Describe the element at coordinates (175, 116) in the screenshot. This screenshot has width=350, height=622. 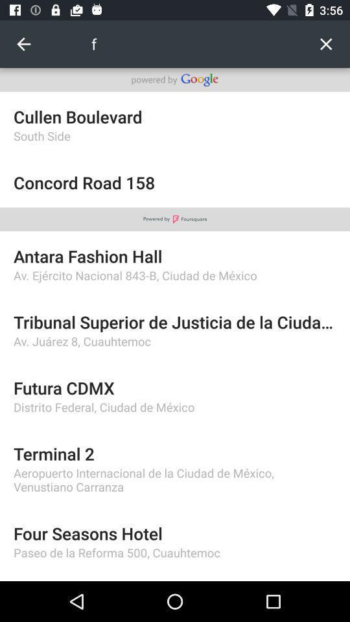
I see `cullen boulevard app` at that location.